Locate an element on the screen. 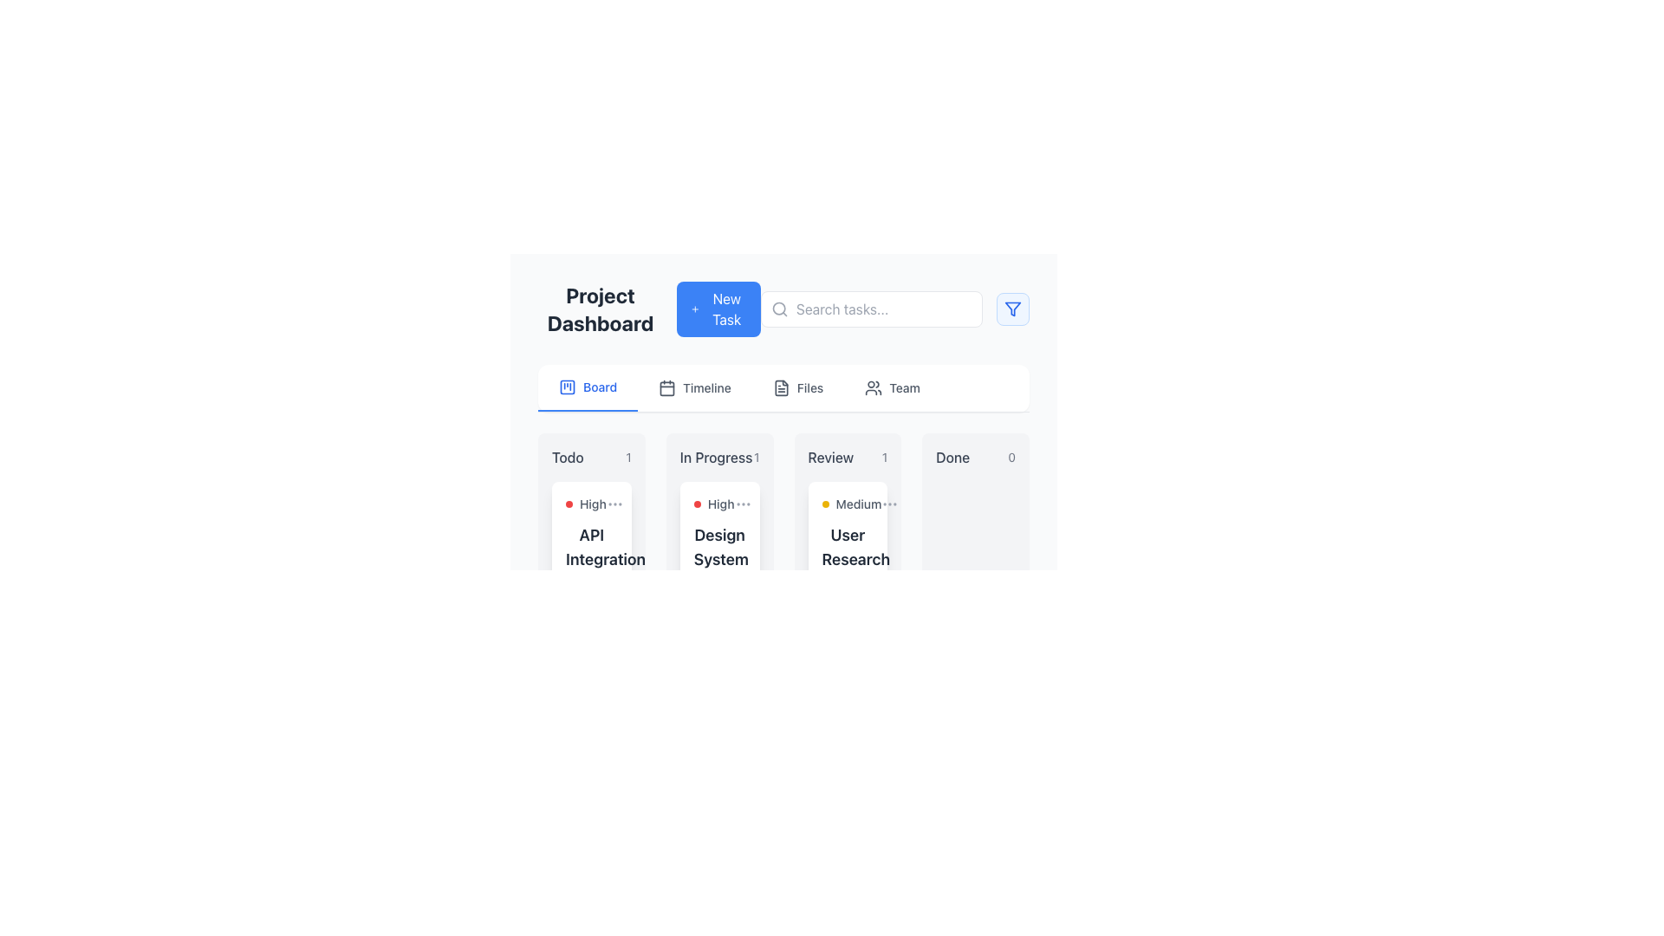 This screenshot has height=936, width=1664. the funnel-like icon element located in the upper-right corner of the application interface, which features a geometric structure with lines converging downward and a smaller triangular shape at the bottom is located at coordinates (1013, 309).